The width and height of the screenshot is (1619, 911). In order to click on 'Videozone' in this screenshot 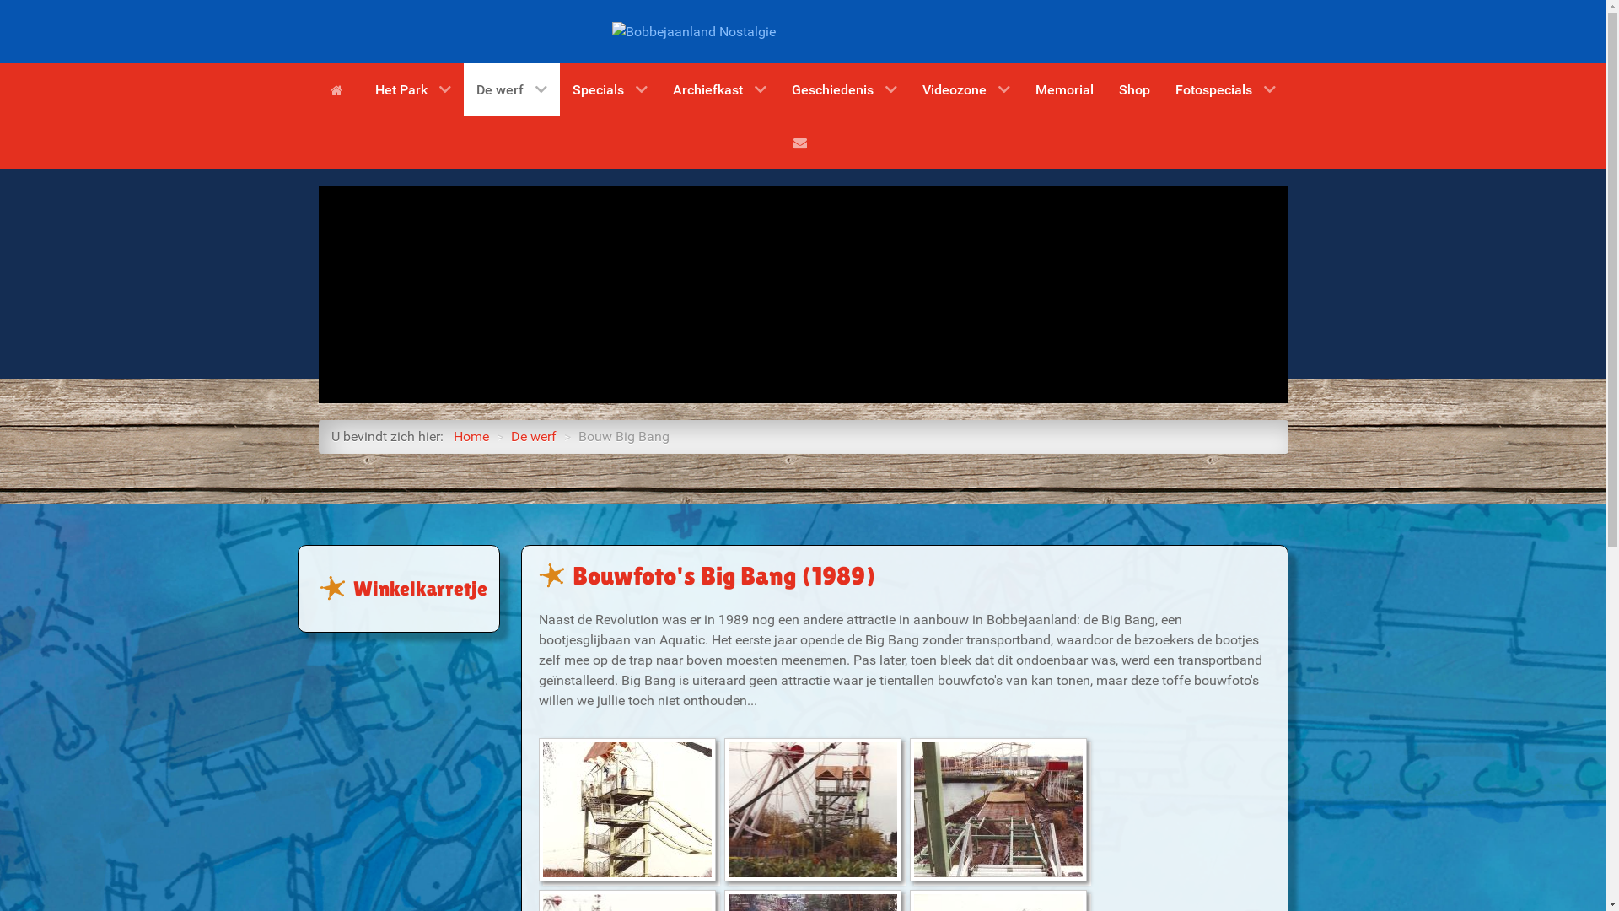, I will do `click(966, 89)`.